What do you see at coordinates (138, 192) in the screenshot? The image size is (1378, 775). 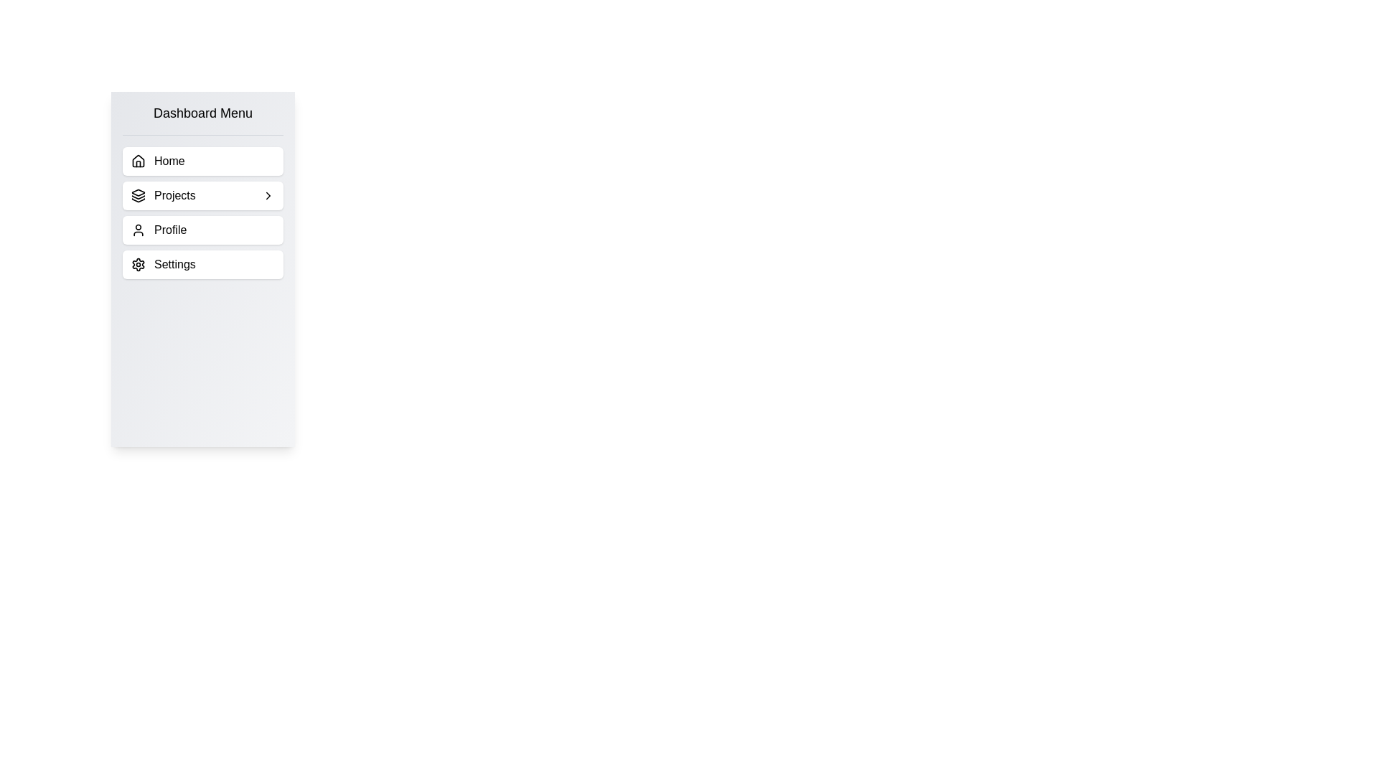 I see `the 'layer' or 'stack' icon associated with the 'Projects' navigation menu item in the dashboard` at bounding box center [138, 192].